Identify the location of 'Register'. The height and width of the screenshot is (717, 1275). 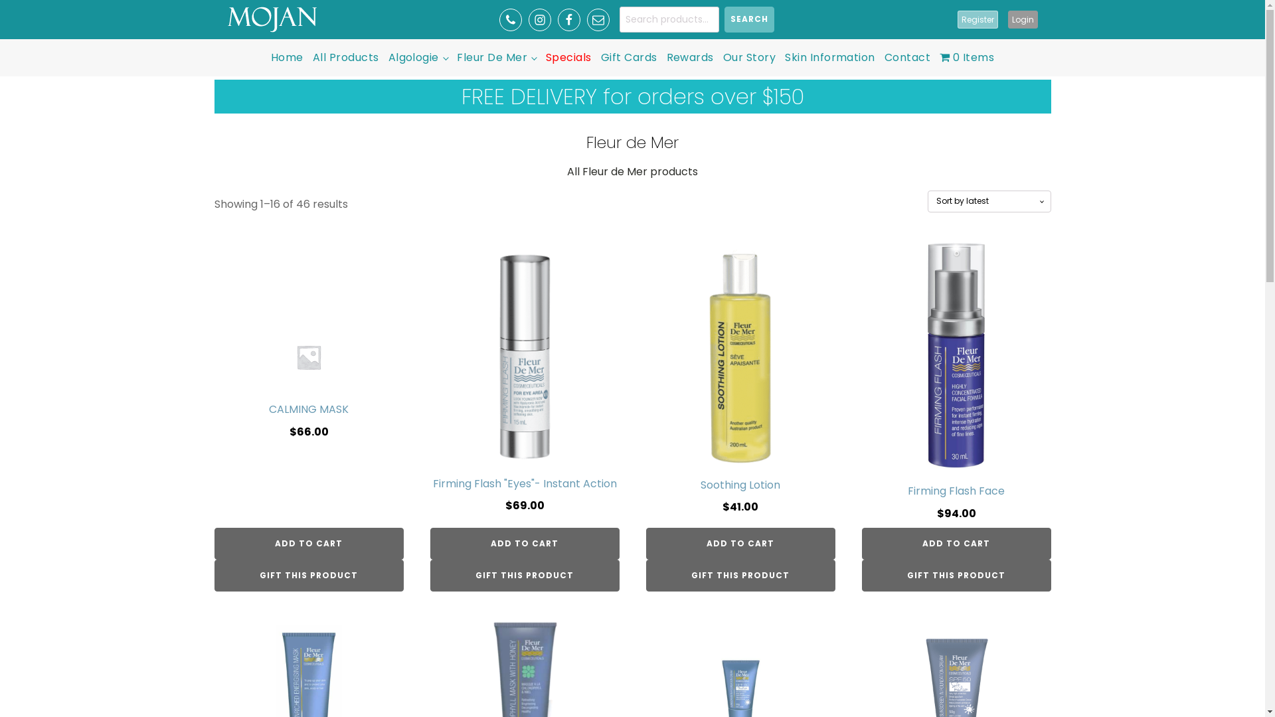
(977, 19).